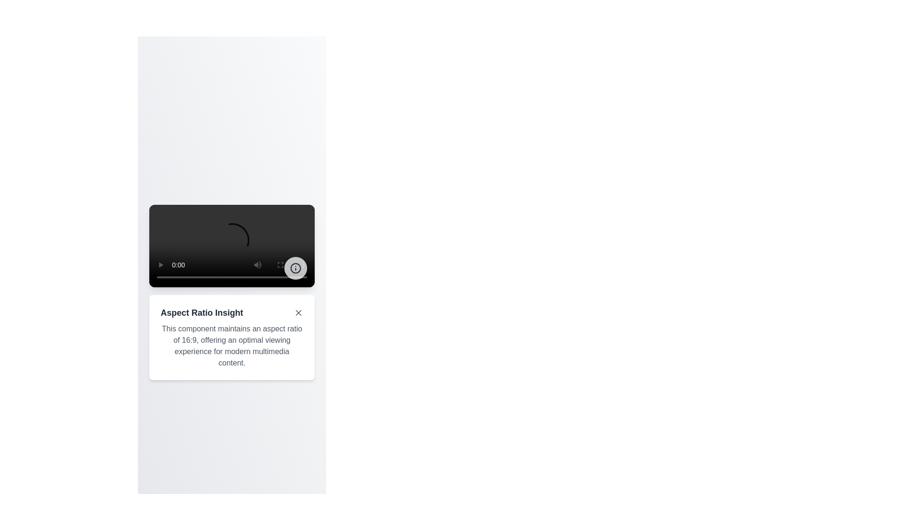 The image size is (910, 512). I want to click on the descriptive text element providing information about aspect ratio advantages, located below the 'Aspect Ratio Insight' heading in a white card layout, so click(232, 346).